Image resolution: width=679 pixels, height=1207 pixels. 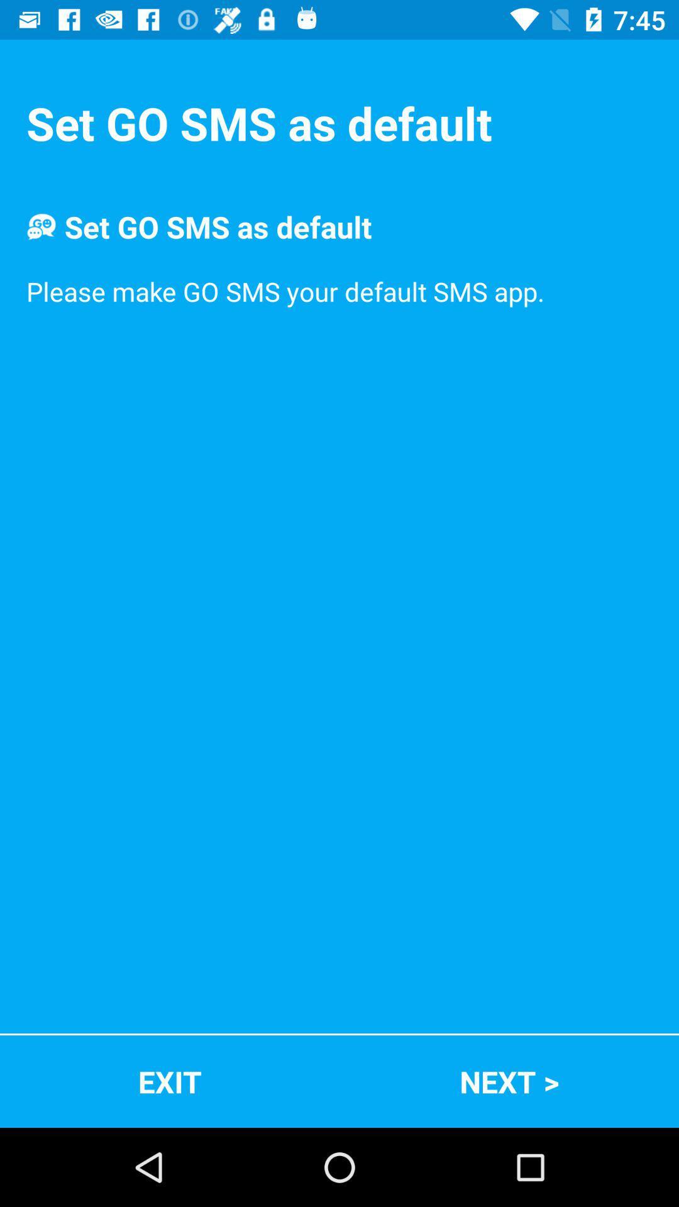 What do you see at coordinates (170, 1081) in the screenshot?
I see `the exit` at bounding box center [170, 1081].